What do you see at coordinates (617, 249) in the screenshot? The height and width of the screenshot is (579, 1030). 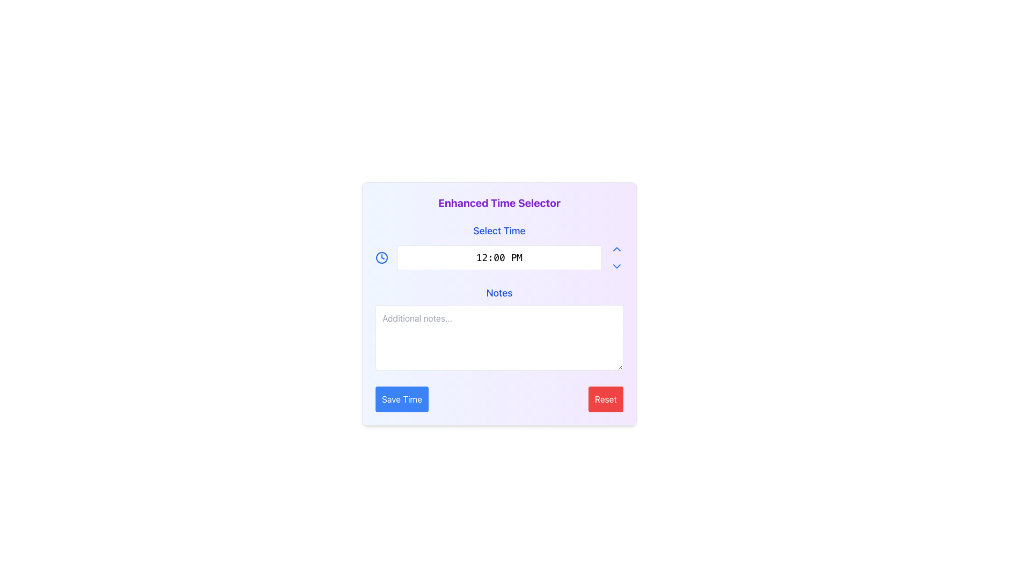 I see `the blue upward-facing chevron button located beside the time input box to increment the time` at bounding box center [617, 249].